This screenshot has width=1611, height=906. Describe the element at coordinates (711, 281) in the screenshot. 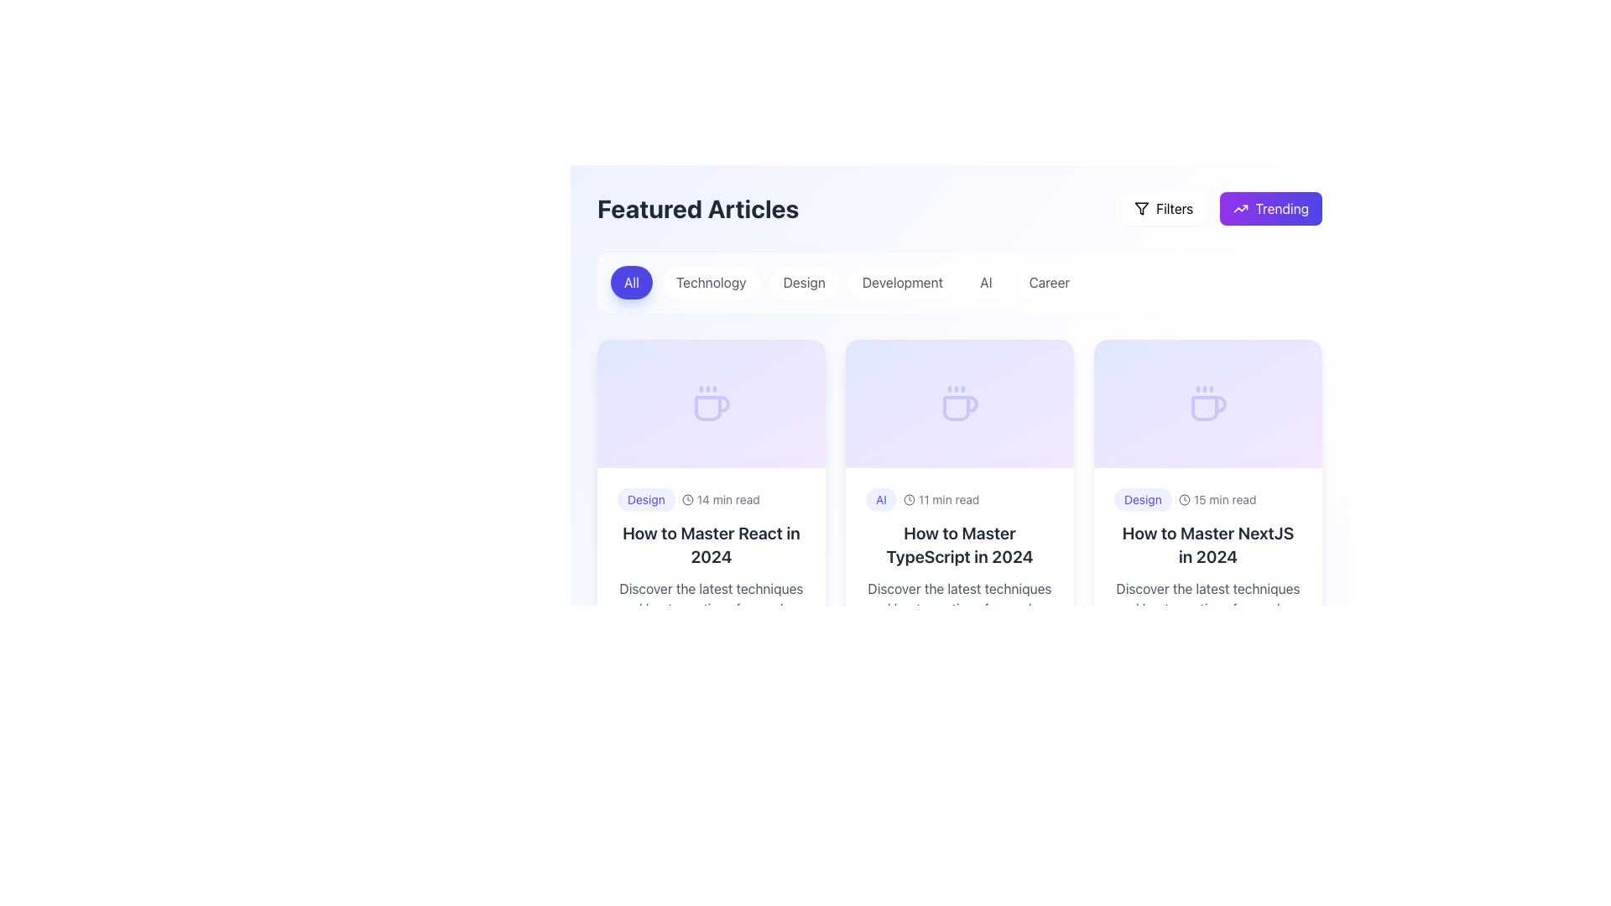

I see `the 'Technology' filter button, which is a pill-shaped button with gray text and a white background, located in the horizontal row of category buttons below the 'Featured Articles' header` at that location.